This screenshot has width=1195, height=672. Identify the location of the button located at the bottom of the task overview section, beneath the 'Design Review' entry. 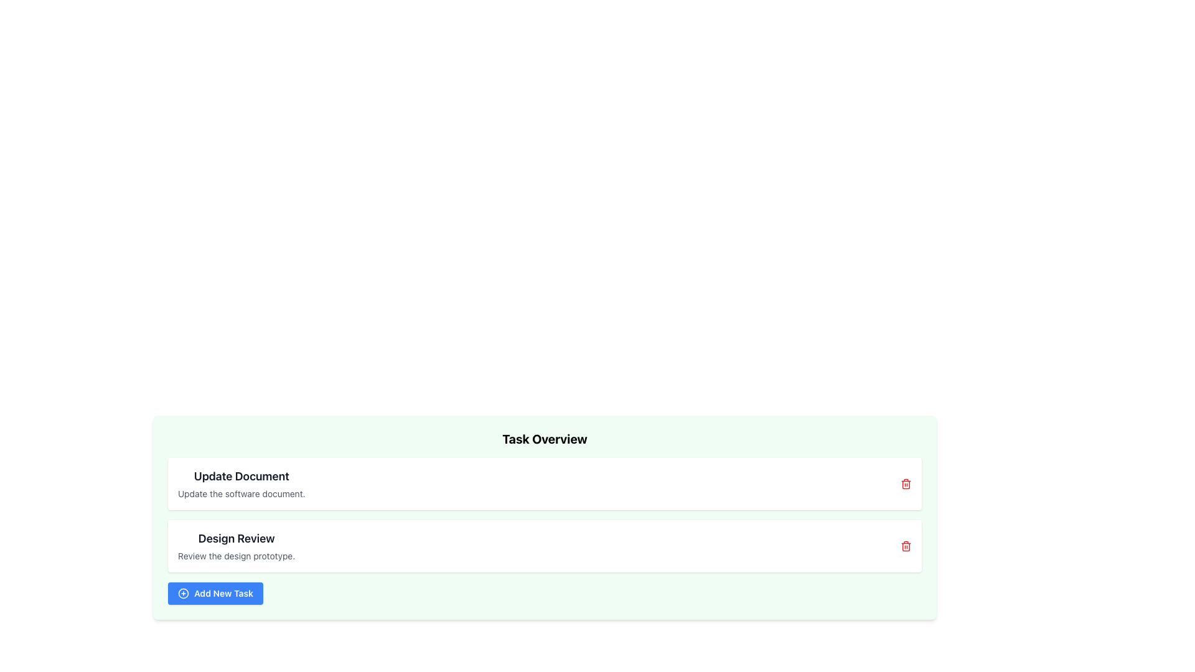
(215, 592).